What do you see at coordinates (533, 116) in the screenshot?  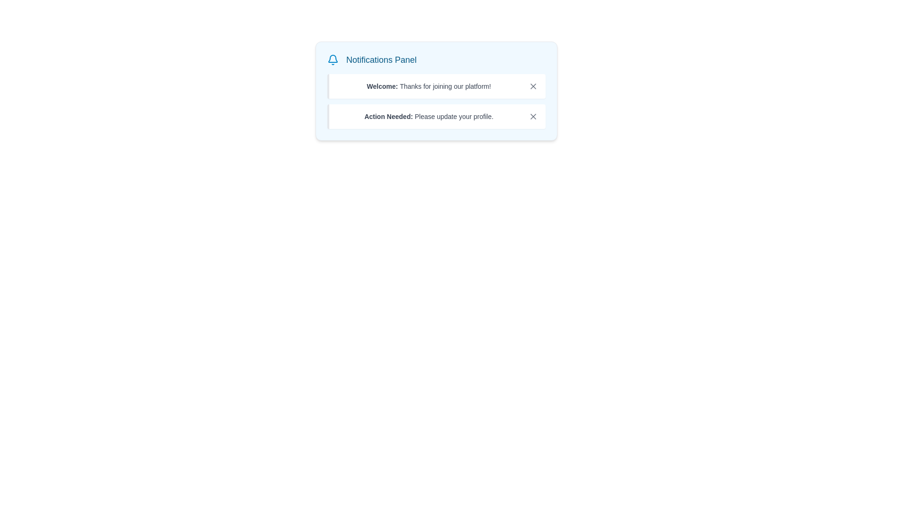 I see `the small 'X' icon button in the top-right corner of the notification box that displays 'Action Needed: Please update your profile'` at bounding box center [533, 116].